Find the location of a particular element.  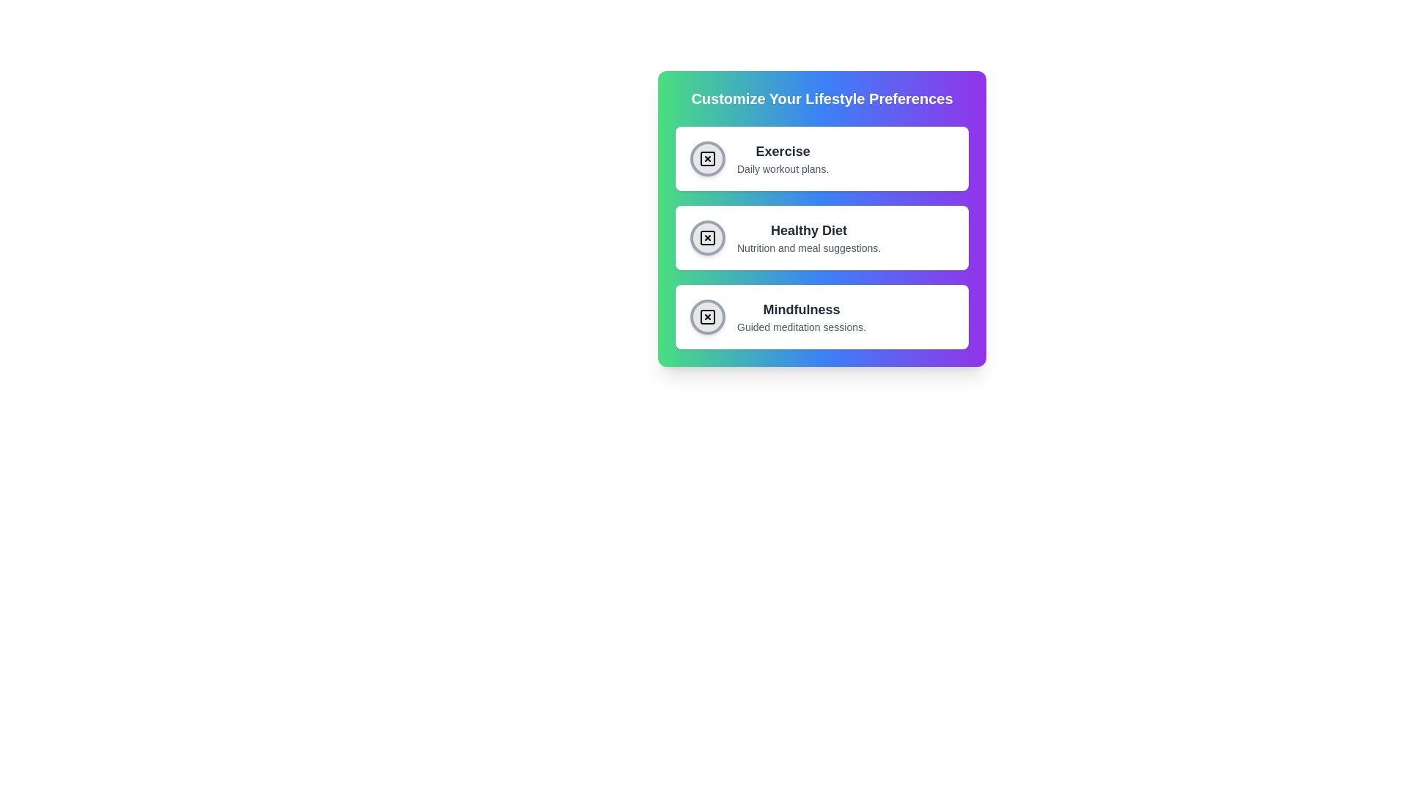

the circular Icon button with a light gray background and dark gray border is located at coordinates (707, 158).